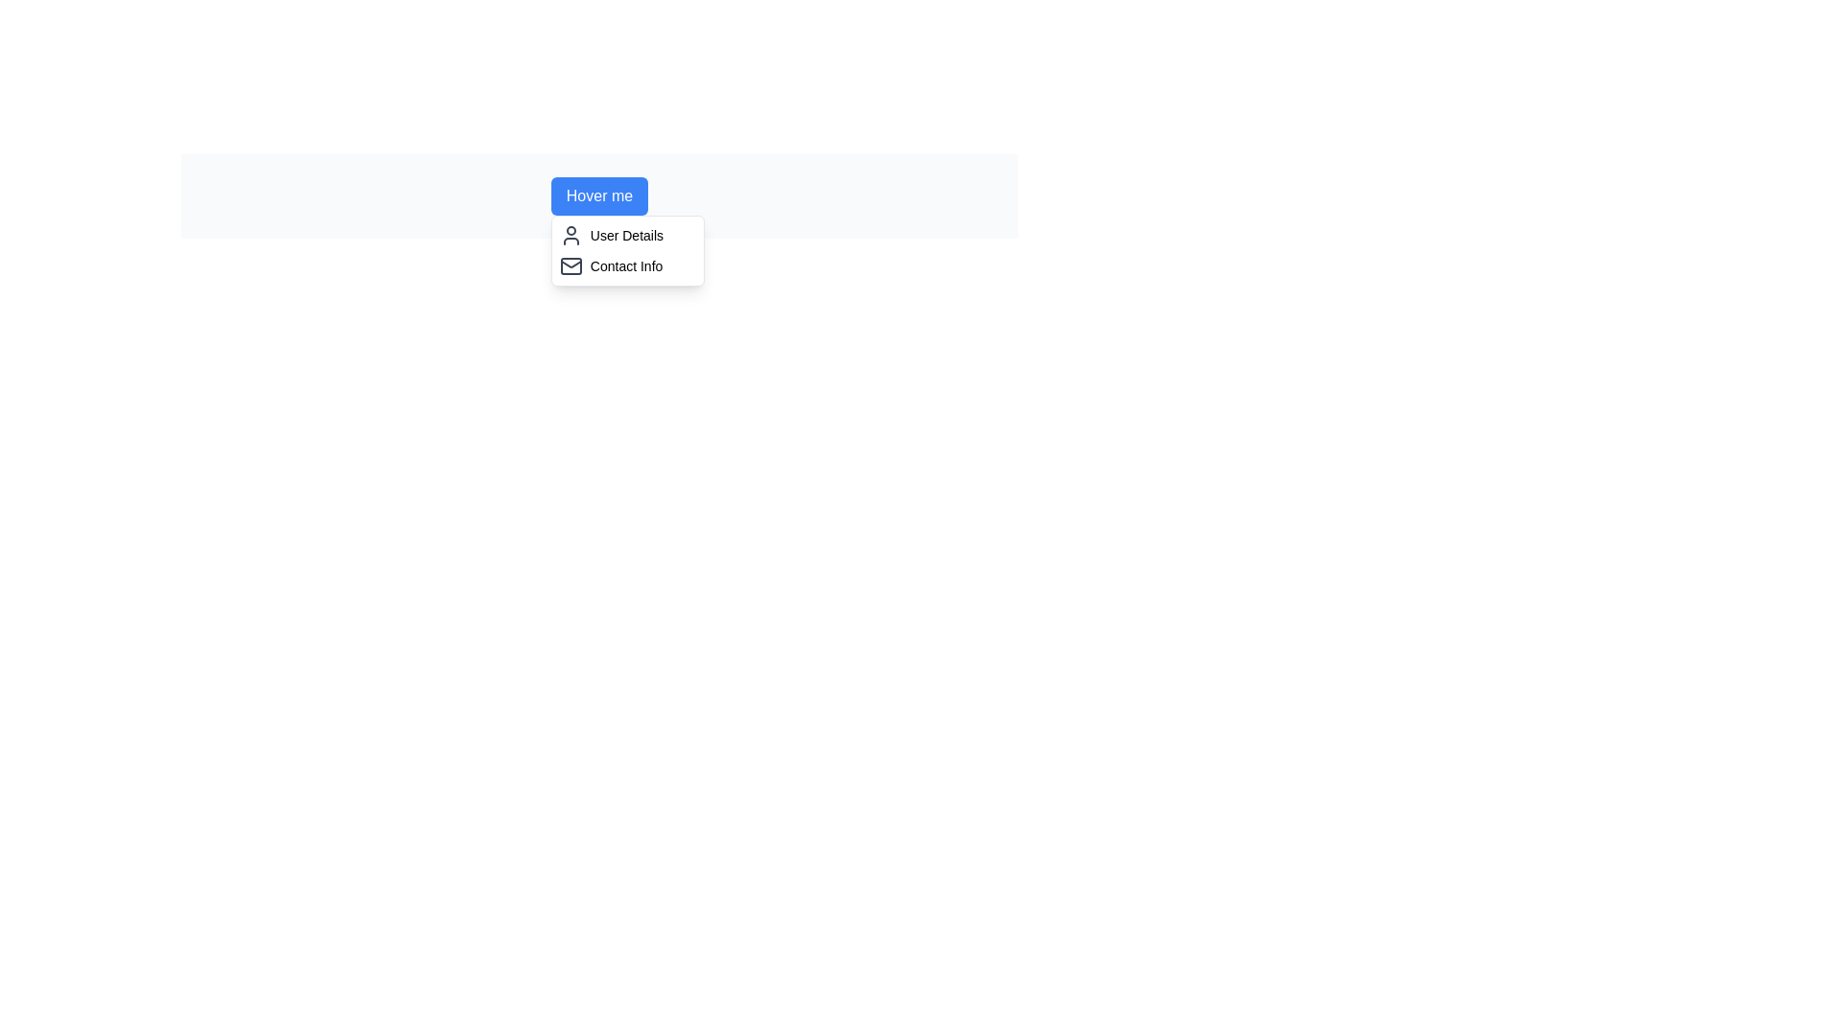 The height and width of the screenshot is (1035, 1841). Describe the element at coordinates (627, 235) in the screenshot. I see `the 'User Details' menu item, which is the first option in the dropdown menu` at that location.